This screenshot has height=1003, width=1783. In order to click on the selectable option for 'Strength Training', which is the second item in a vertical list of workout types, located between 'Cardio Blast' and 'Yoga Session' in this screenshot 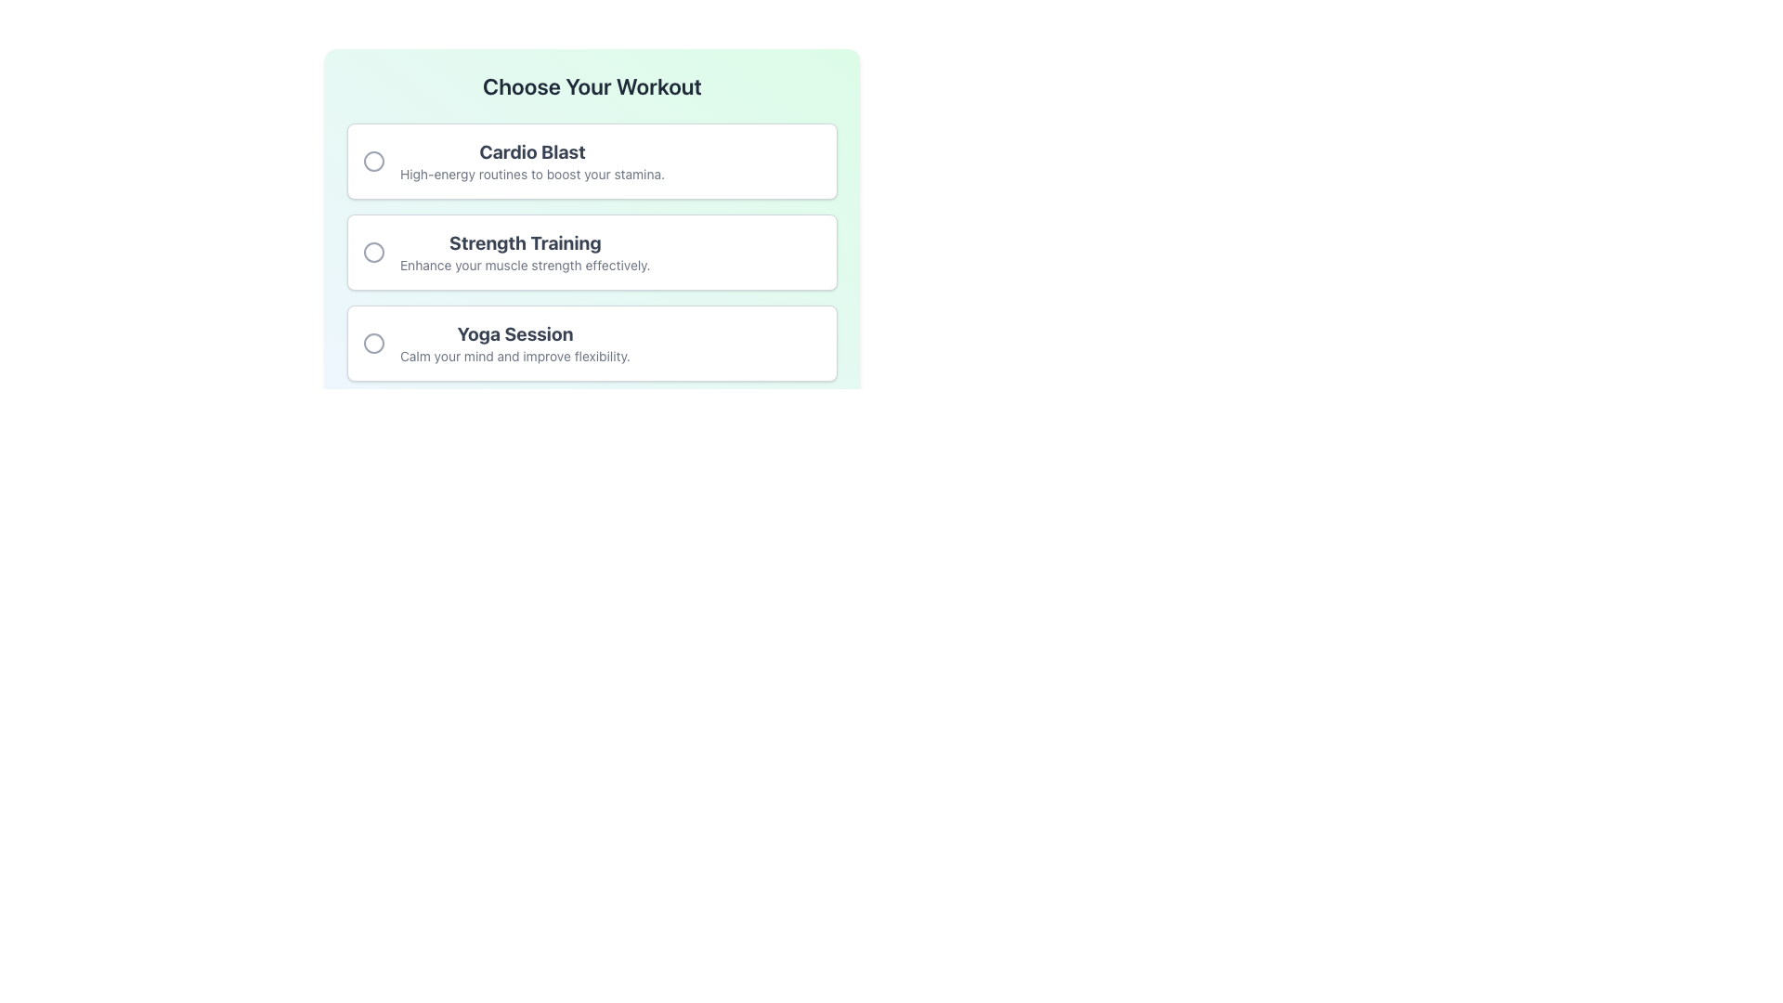, I will do `click(524, 253)`.